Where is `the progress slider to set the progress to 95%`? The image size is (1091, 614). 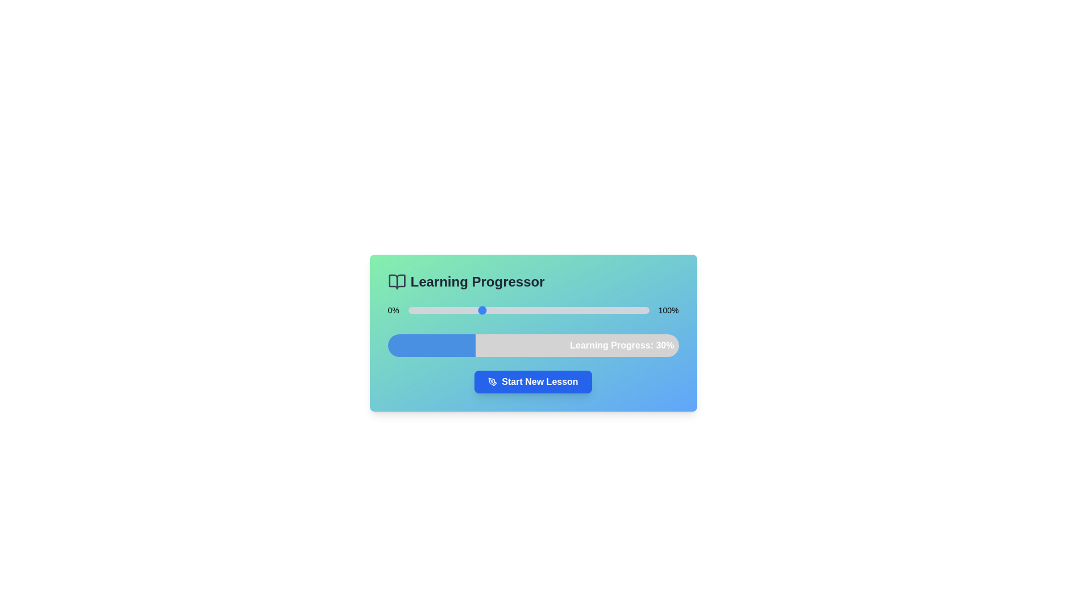 the progress slider to set the progress to 95% is located at coordinates (637, 310).